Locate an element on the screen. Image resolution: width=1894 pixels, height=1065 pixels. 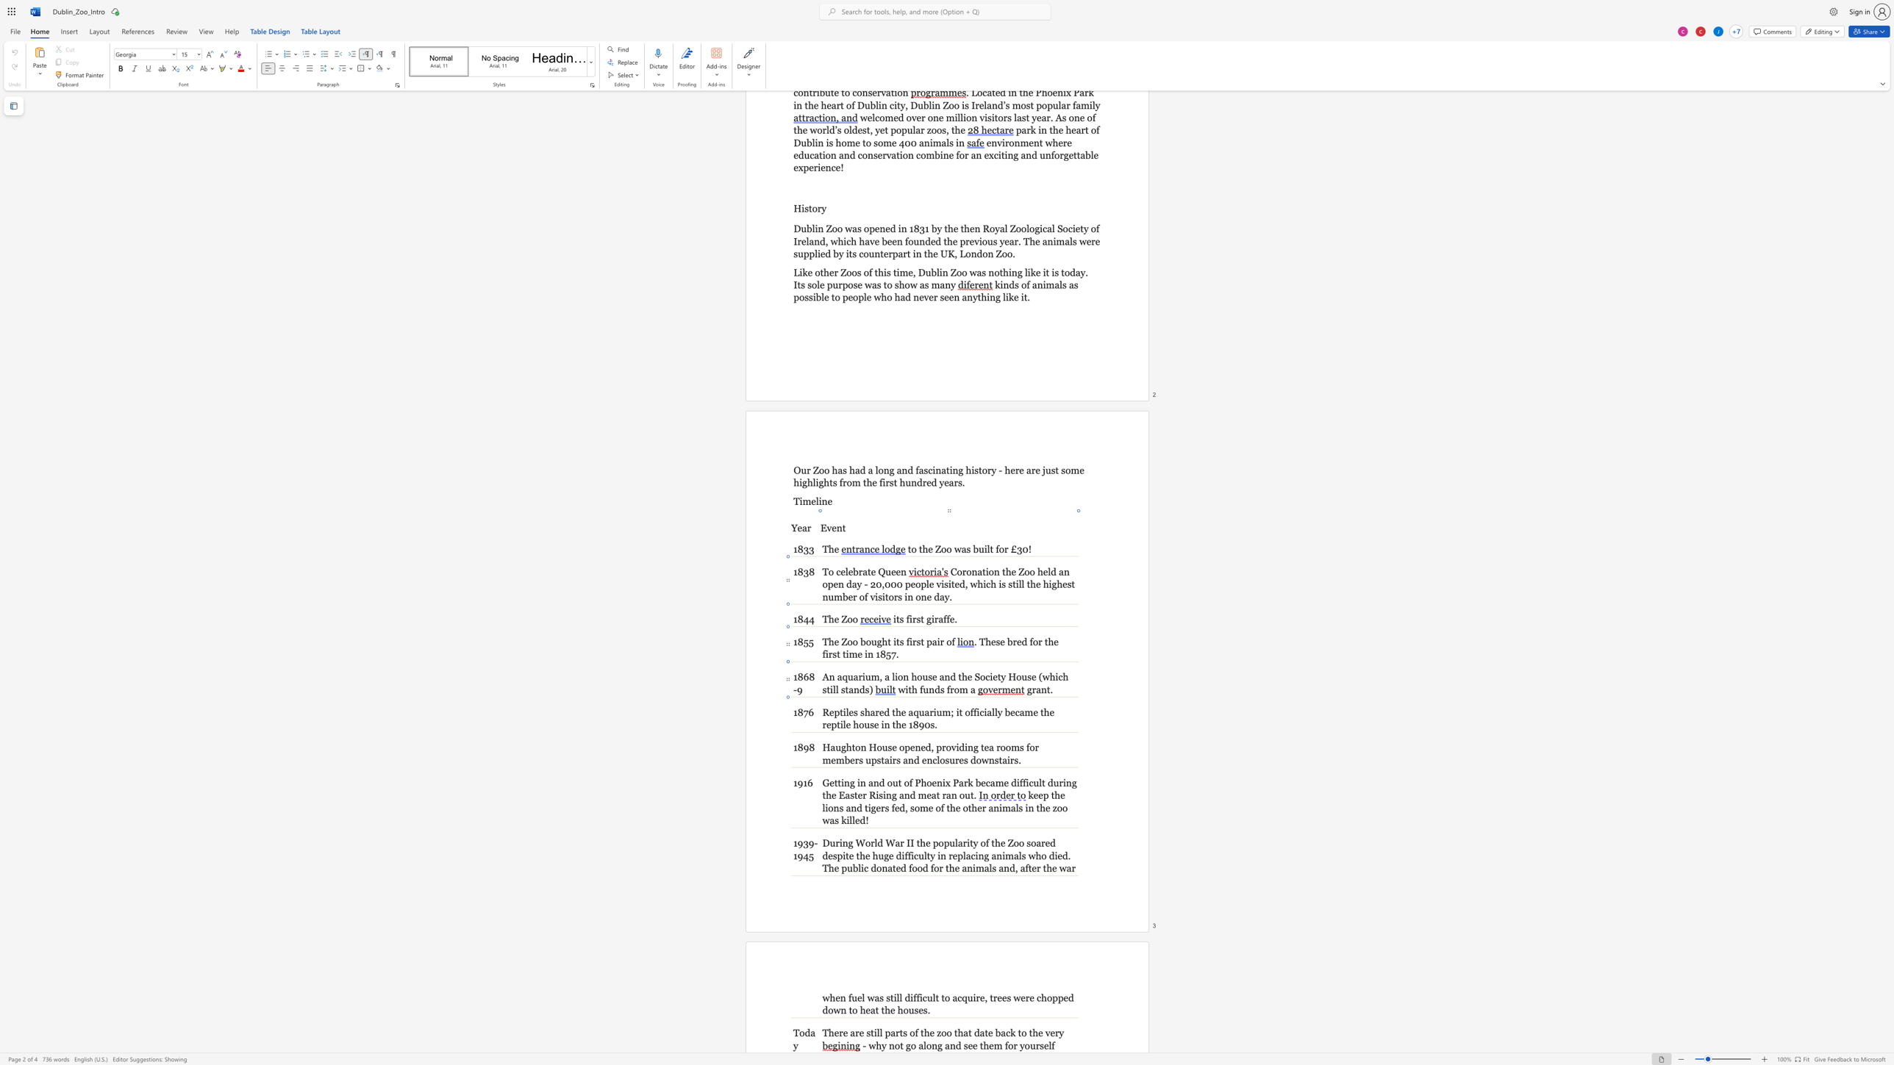
the space between the continuous character "8" and "5" in the text is located at coordinates (885, 654).